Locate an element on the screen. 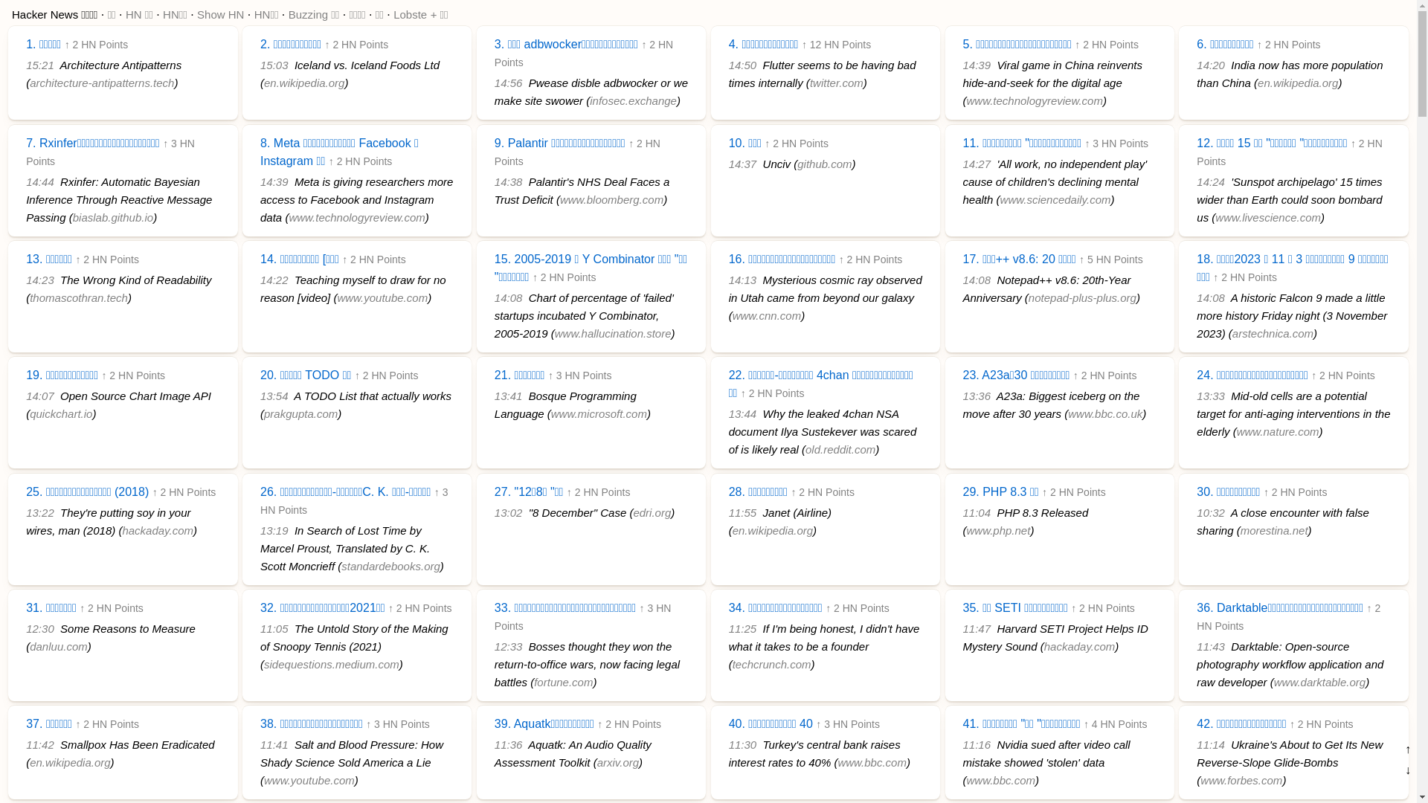  'www.bbc.com' is located at coordinates (872, 762).